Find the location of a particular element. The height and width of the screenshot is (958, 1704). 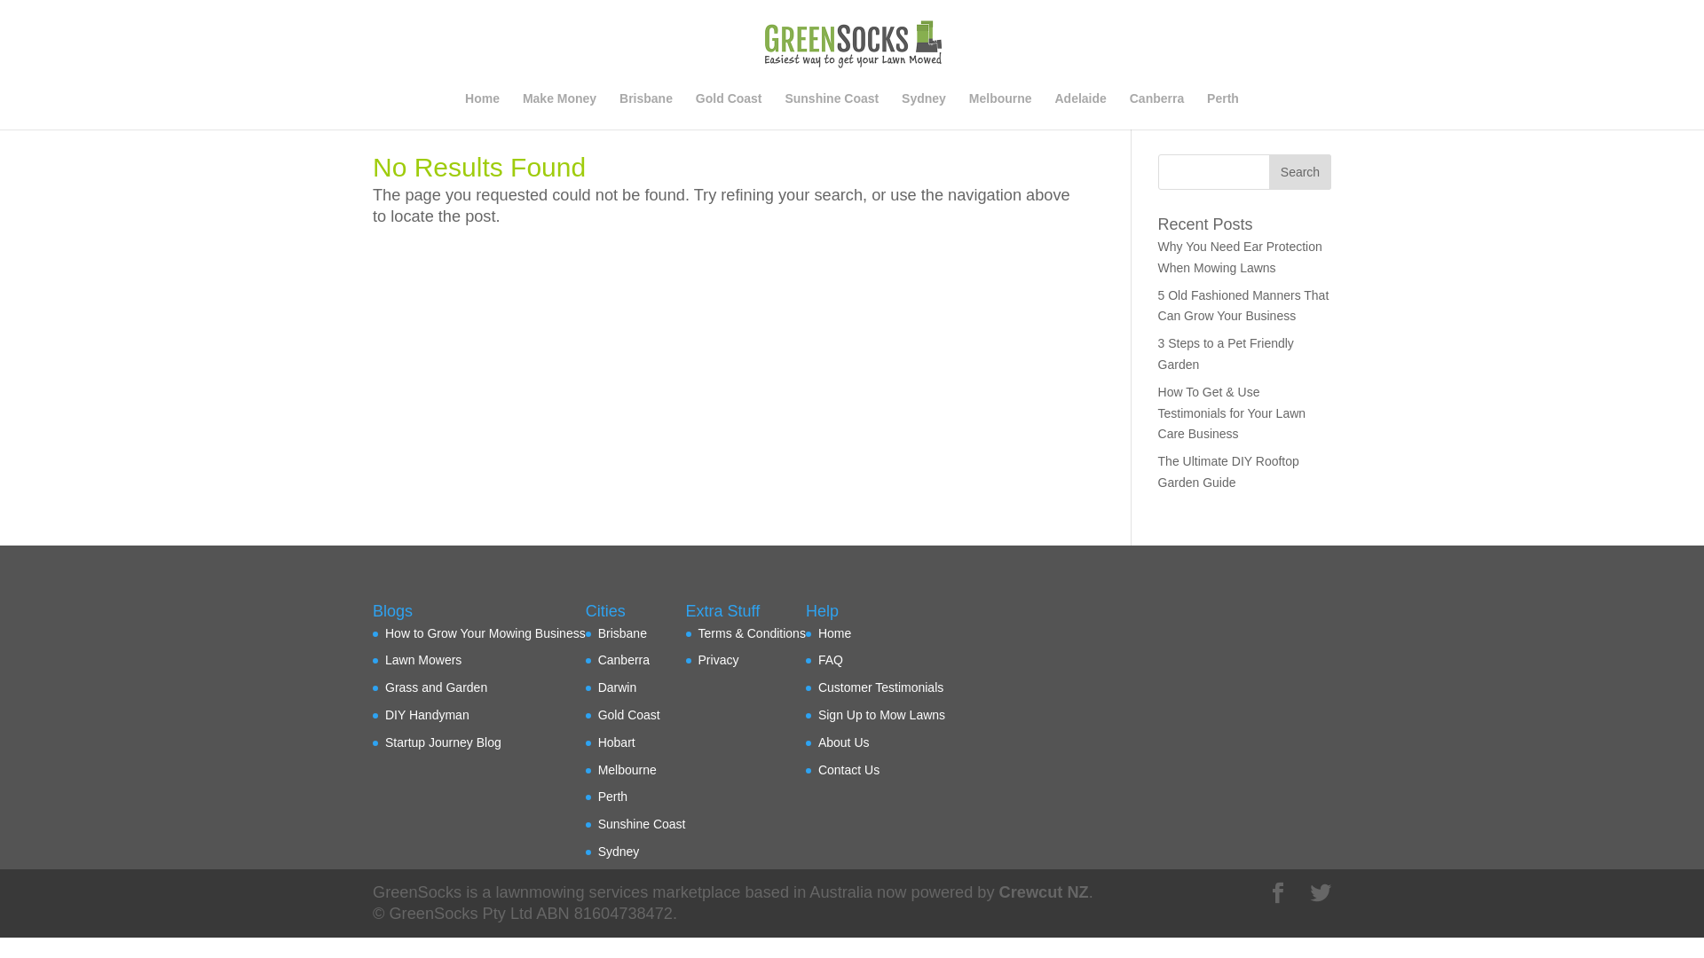

'How To Get & Use Testimonials for Your Lawn Care Business' is located at coordinates (1158, 413).